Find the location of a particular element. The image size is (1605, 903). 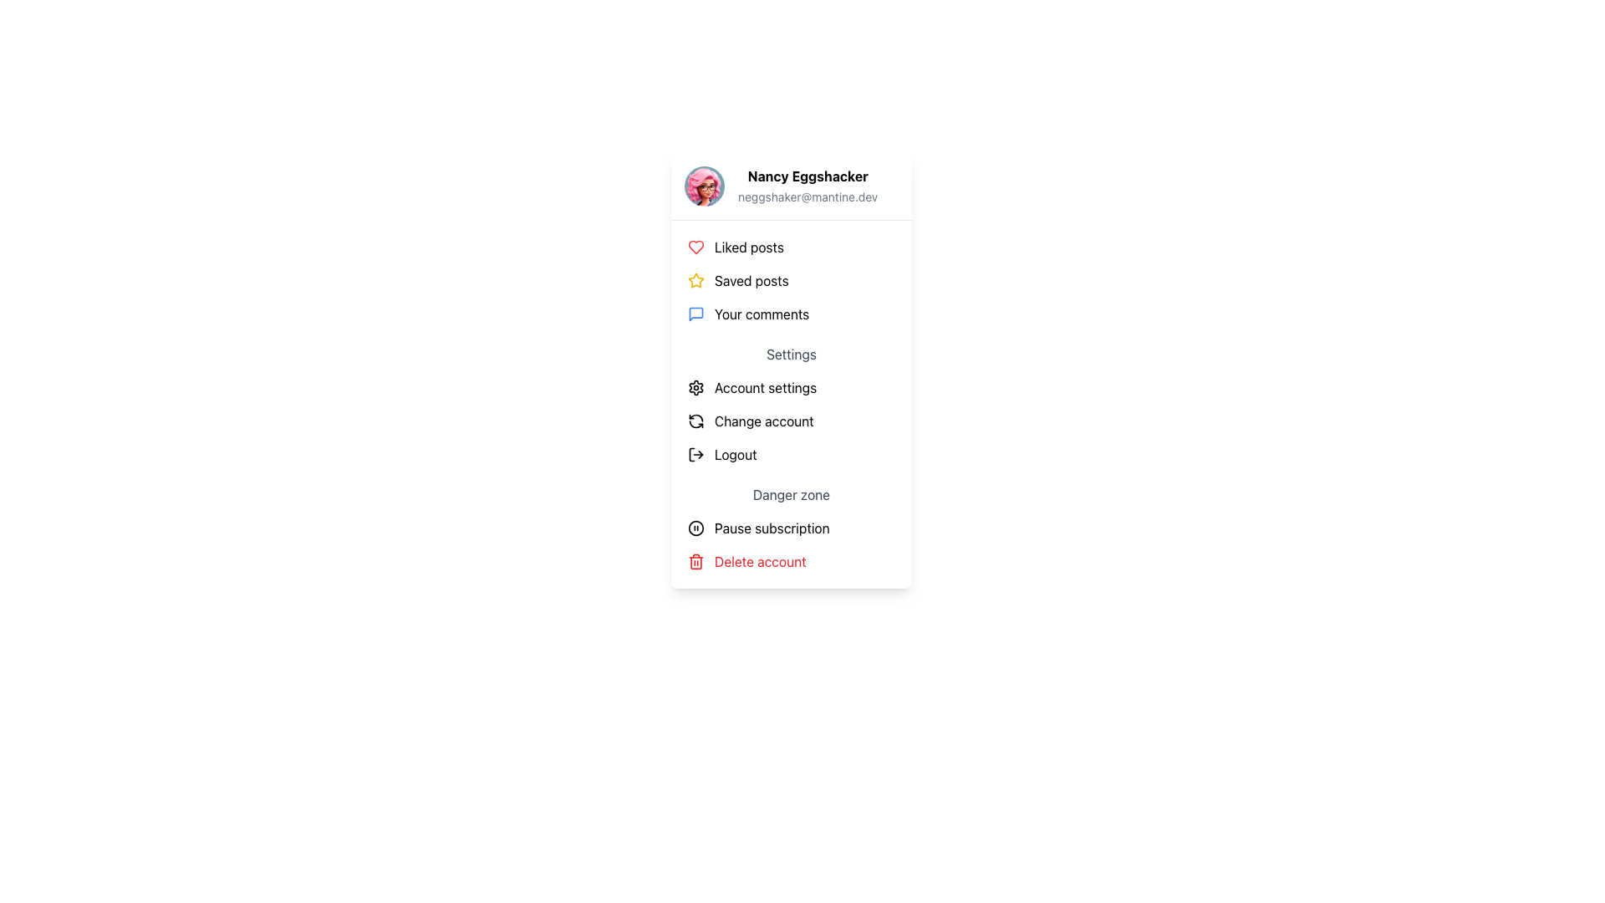

the third interactive menu list item which is located between 'Saved posts' and 'Settings' is located at coordinates (790, 314).